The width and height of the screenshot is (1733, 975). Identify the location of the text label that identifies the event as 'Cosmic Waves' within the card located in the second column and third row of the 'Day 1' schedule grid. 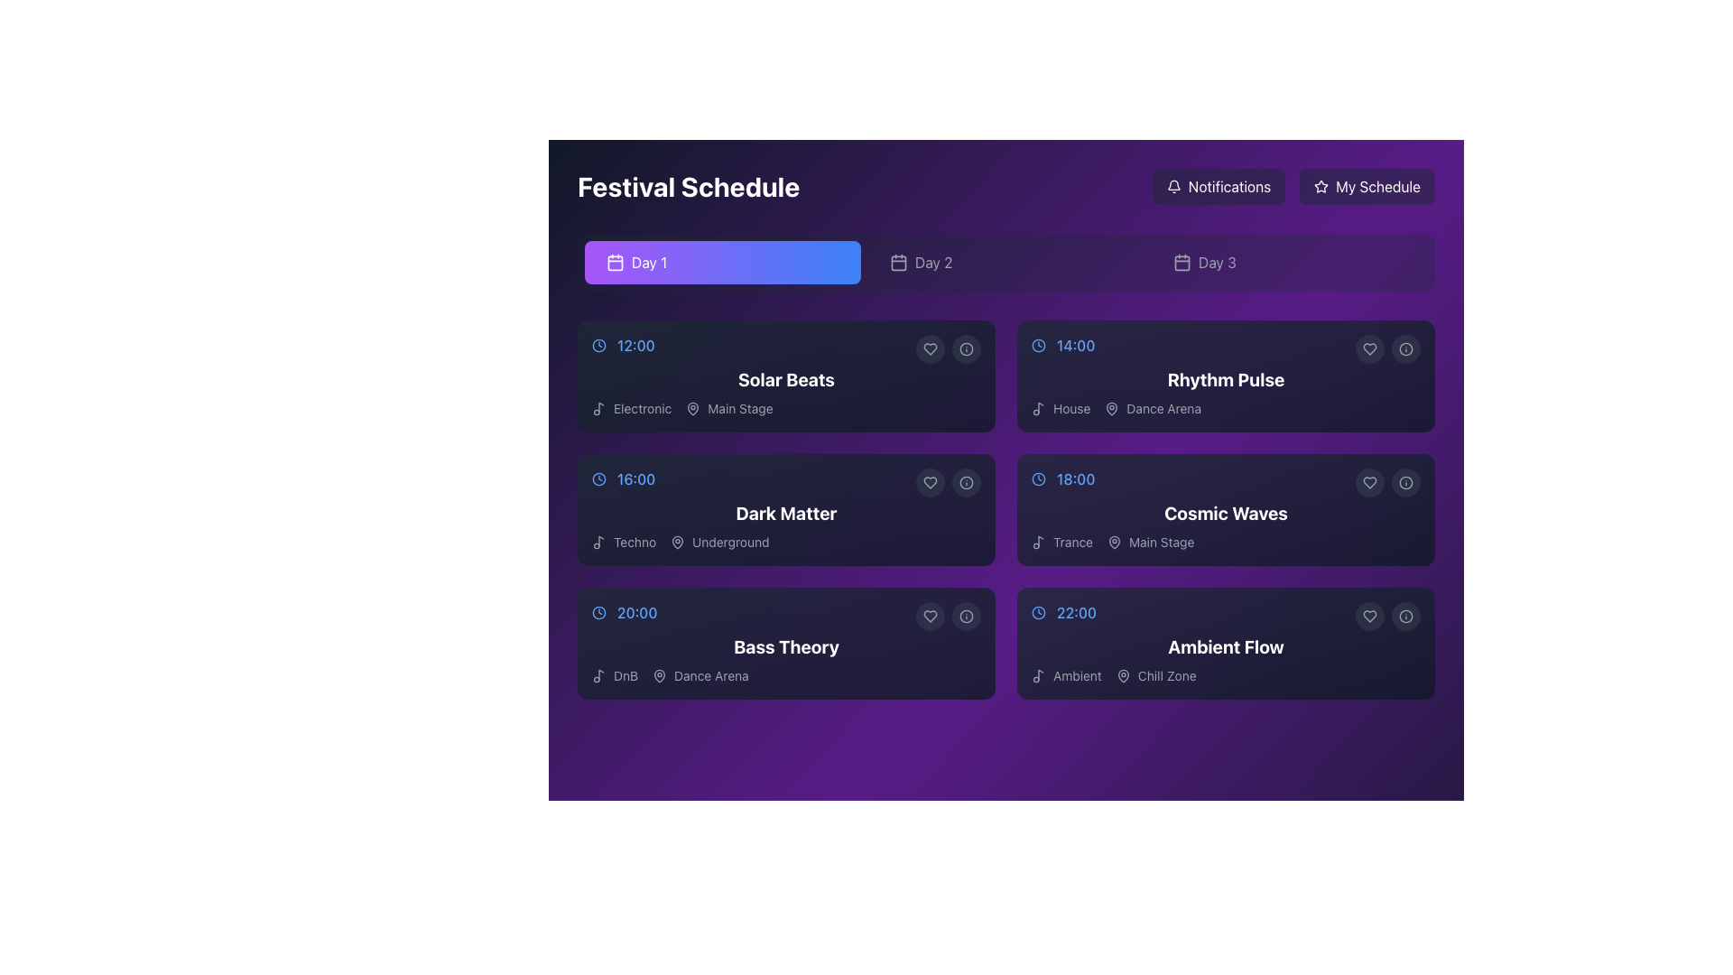
(1226, 514).